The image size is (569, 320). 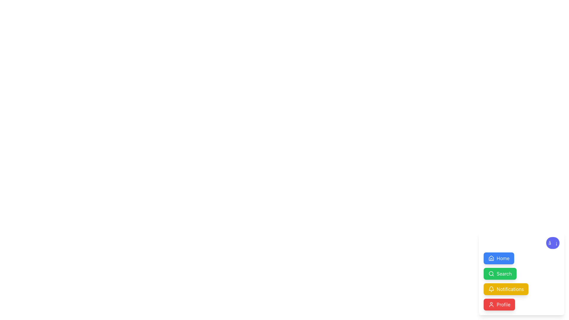 I want to click on the search icon located within the green rectangular button labeled 'Search', which is the second element in the vertical menu group, so click(x=491, y=274).